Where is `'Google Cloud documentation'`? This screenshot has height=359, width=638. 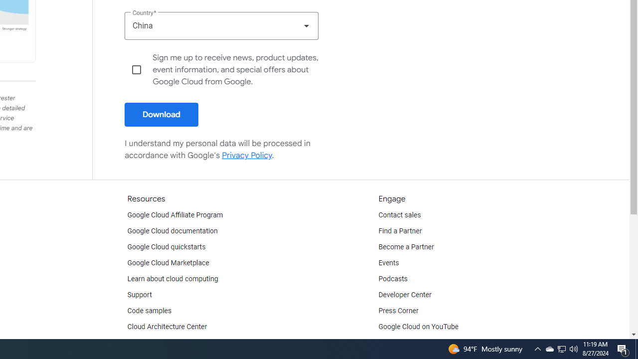 'Google Cloud documentation' is located at coordinates (172, 231).